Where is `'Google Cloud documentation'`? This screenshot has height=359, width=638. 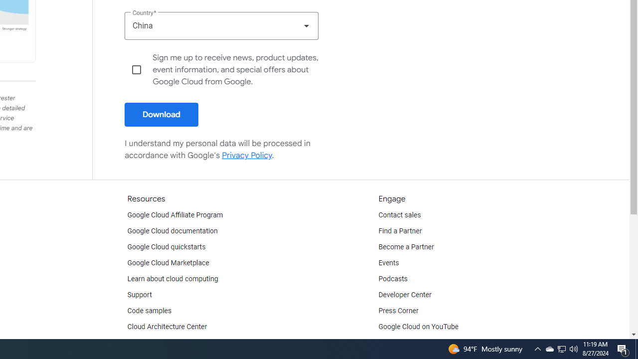 'Google Cloud documentation' is located at coordinates (172, 231).